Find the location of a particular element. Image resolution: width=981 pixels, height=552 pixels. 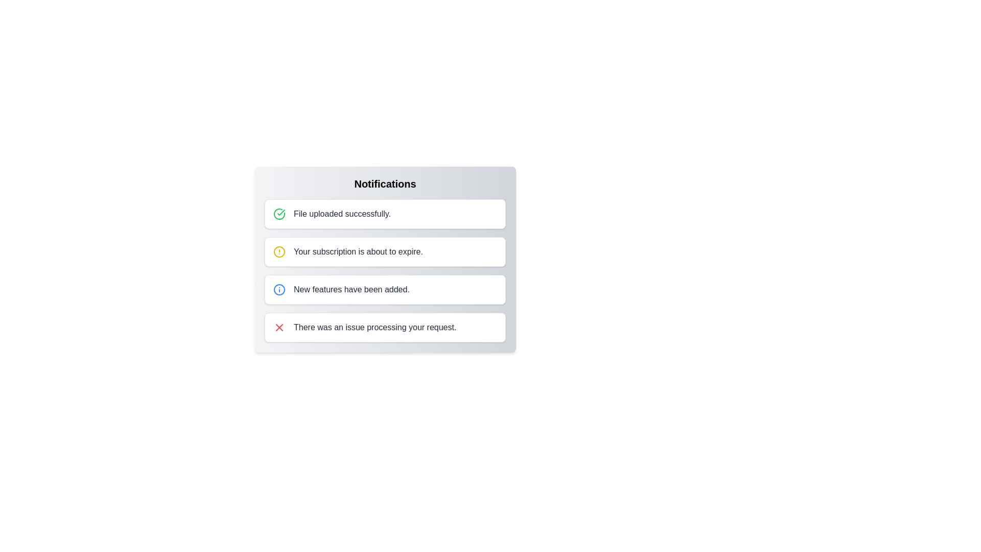

the Notification Card element that is the fourth and last in a vertical stack of notifications, featuring a white background, red border, and the message 'There was an issue processing your request.' is located at coordinates (384, 327).